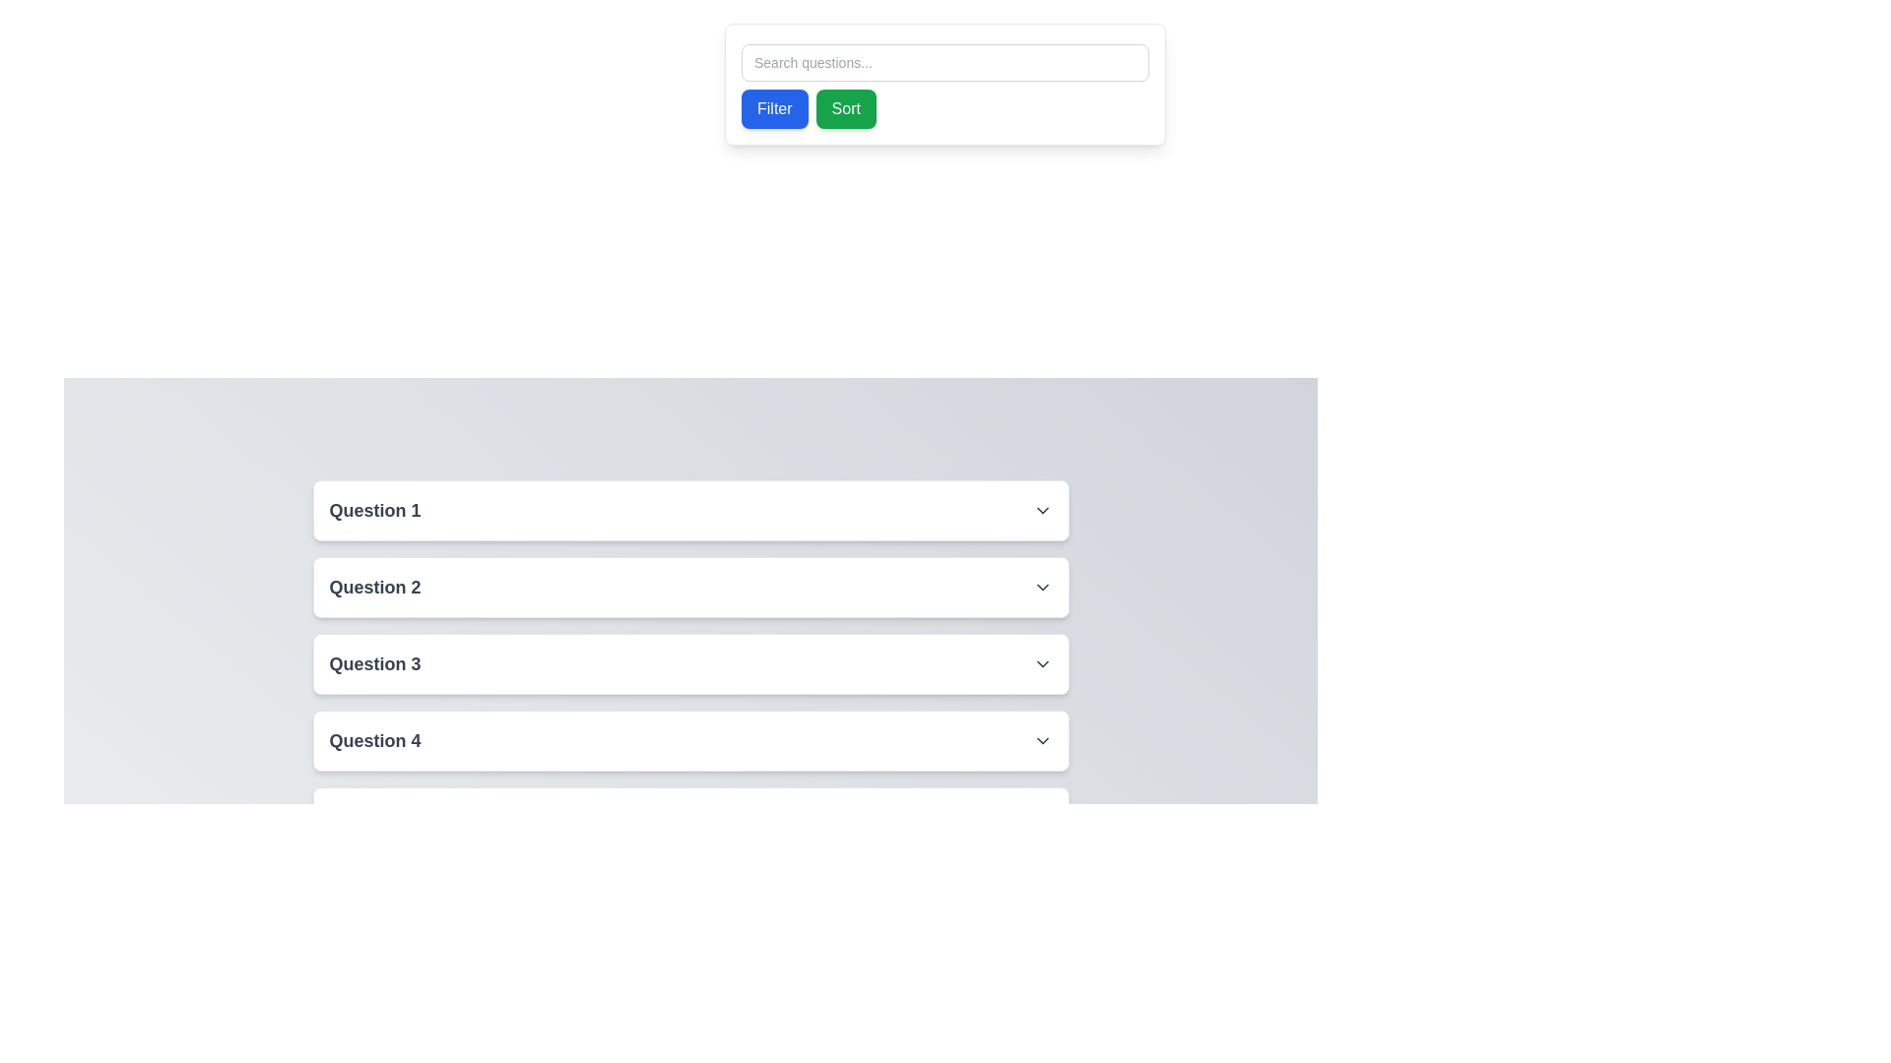 The height and width of the screenshot is (1063, 1891). What do you see at coordinates (1041, 587) in the screenshot?
I see `the interactive icon located at the far-right side of the 'Question 2' entry` at bounding box center [1041, 587].